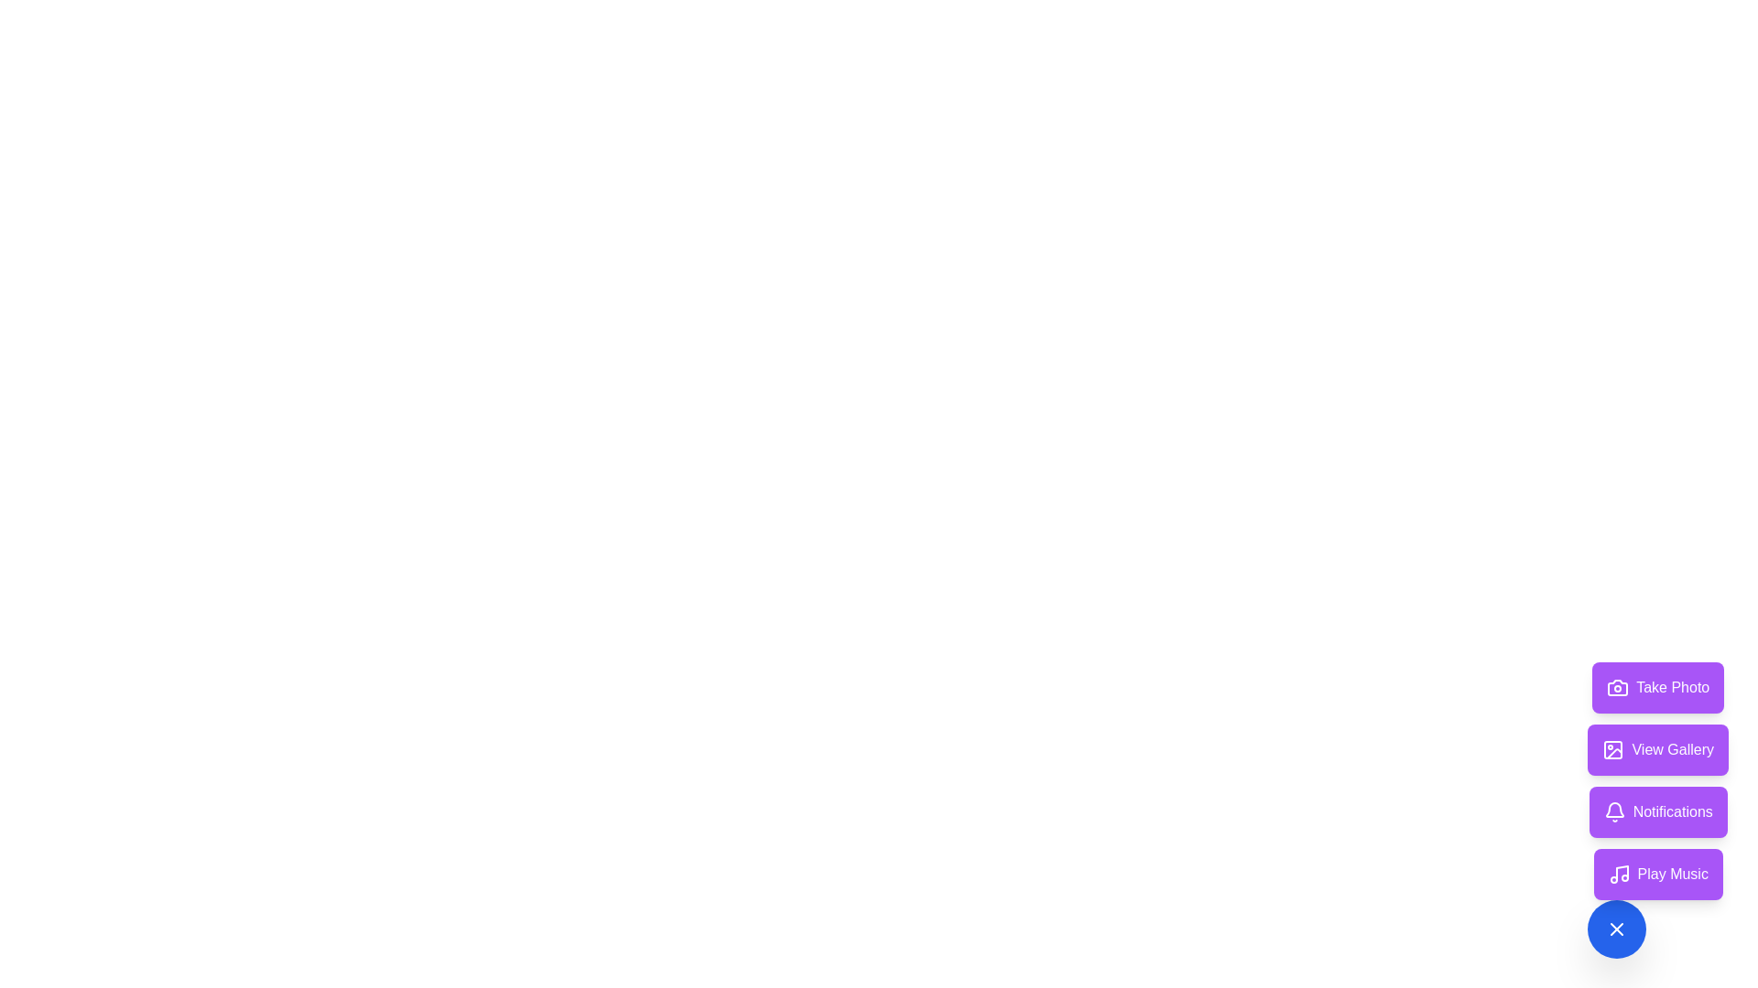 The width and height of the screenshot is (1758, 988). Describe the element at coordinates (1618, 688) in the screenshot. I see `the 'Take Photo' button by clicking on the compact camera icon positioned on the left side of the button` at that location.